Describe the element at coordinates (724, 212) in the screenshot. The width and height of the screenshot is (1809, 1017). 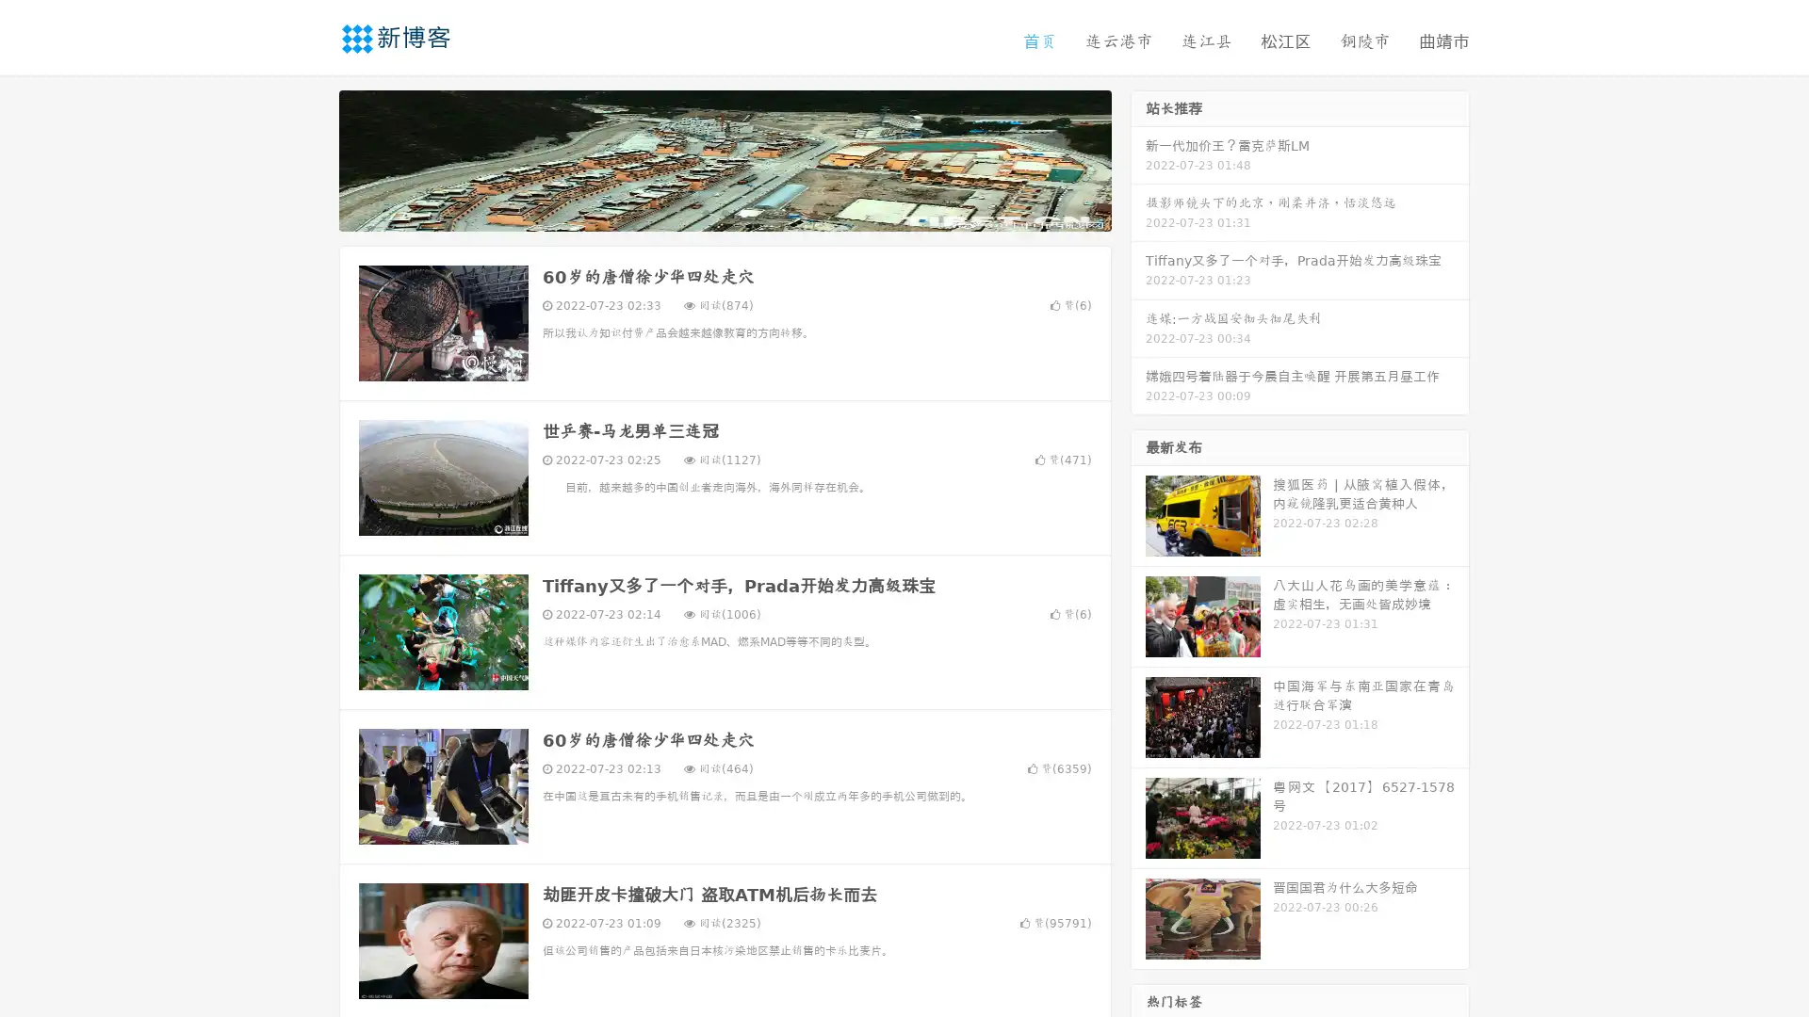
I see `Go to slide 2` at that location.